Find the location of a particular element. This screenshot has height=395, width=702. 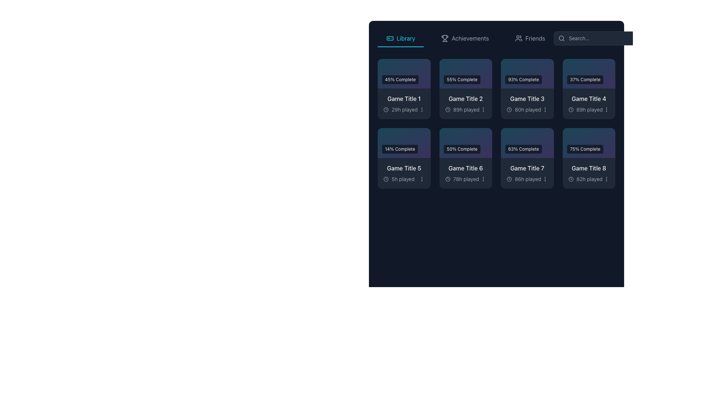

information displayed on the Informational display card located in the first row and fourth column of the grid, positioned below the '37% Complete' label is located at coordinates (589, 104).